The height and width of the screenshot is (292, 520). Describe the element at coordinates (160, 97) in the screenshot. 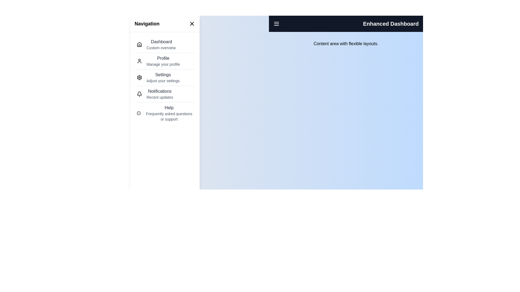

I see `the Text label located beneath the 'Notifications' heading in the side navigation panel, which provides additional context for that section` at that location.